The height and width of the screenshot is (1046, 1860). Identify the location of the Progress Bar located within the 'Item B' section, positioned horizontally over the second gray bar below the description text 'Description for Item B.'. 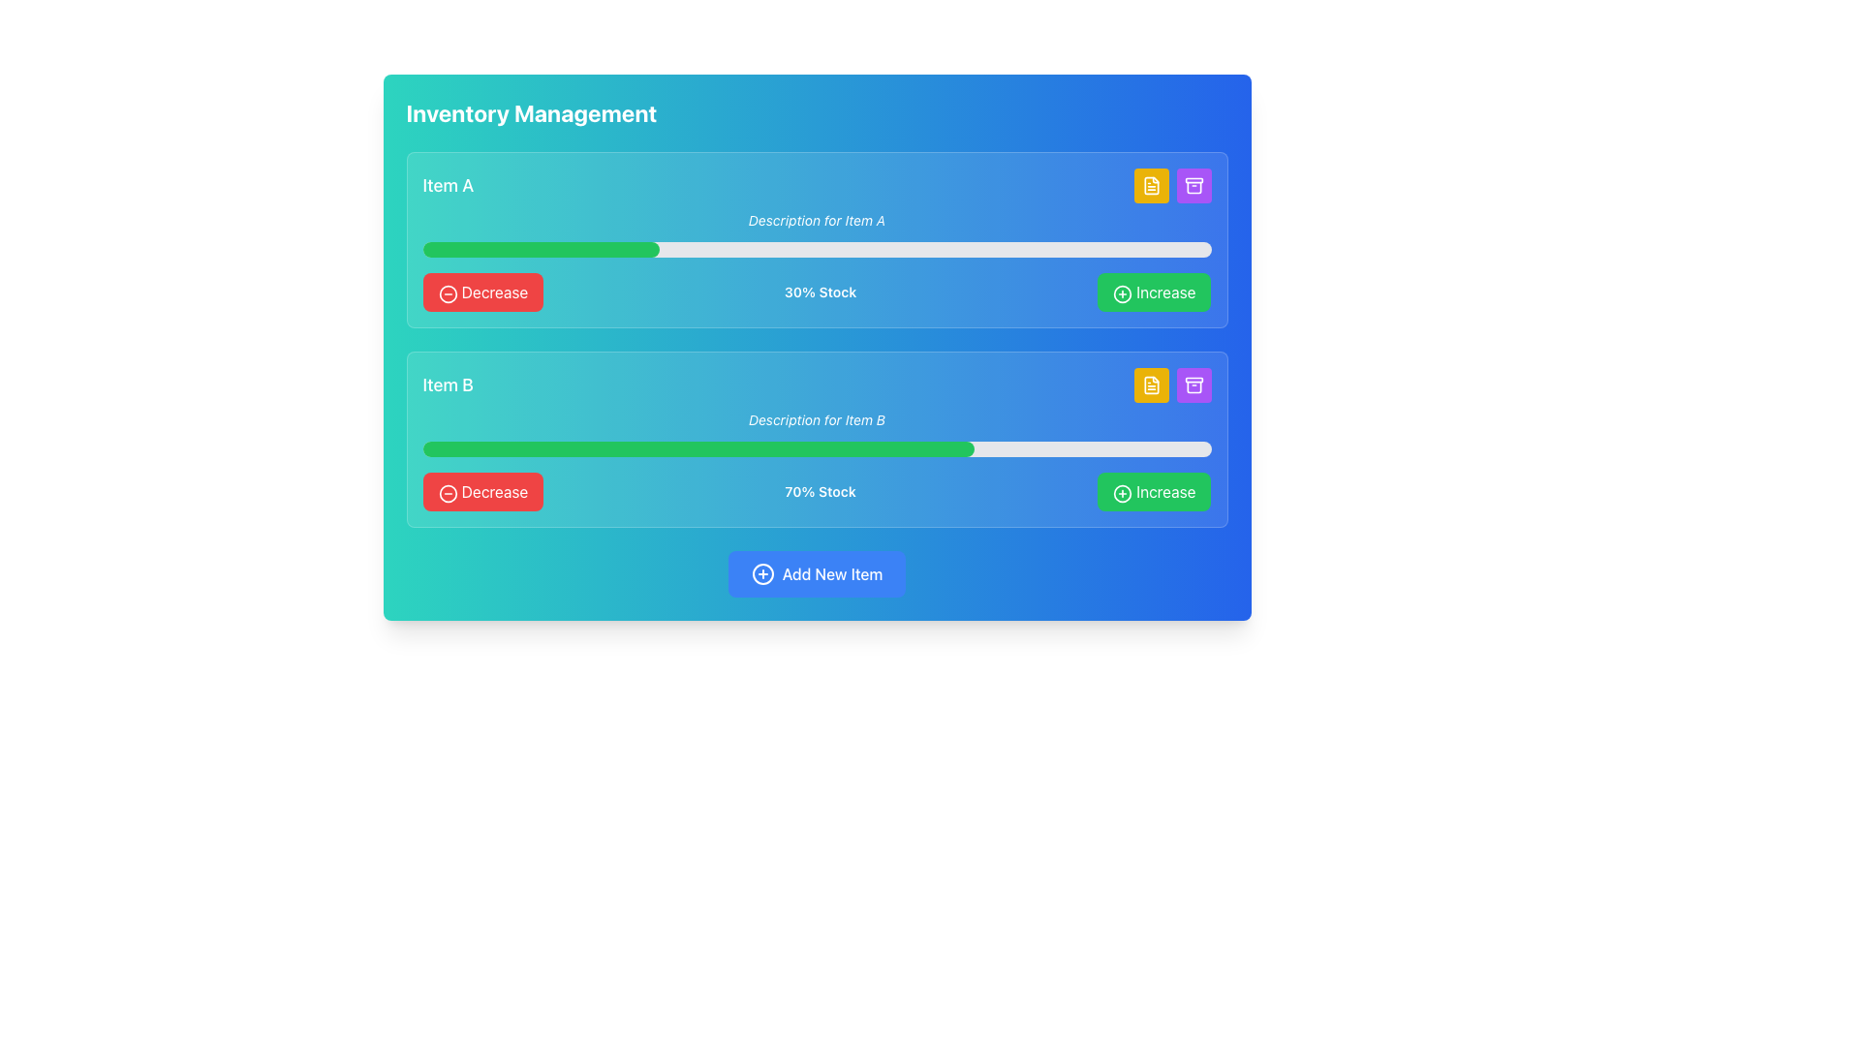
(697, 448).